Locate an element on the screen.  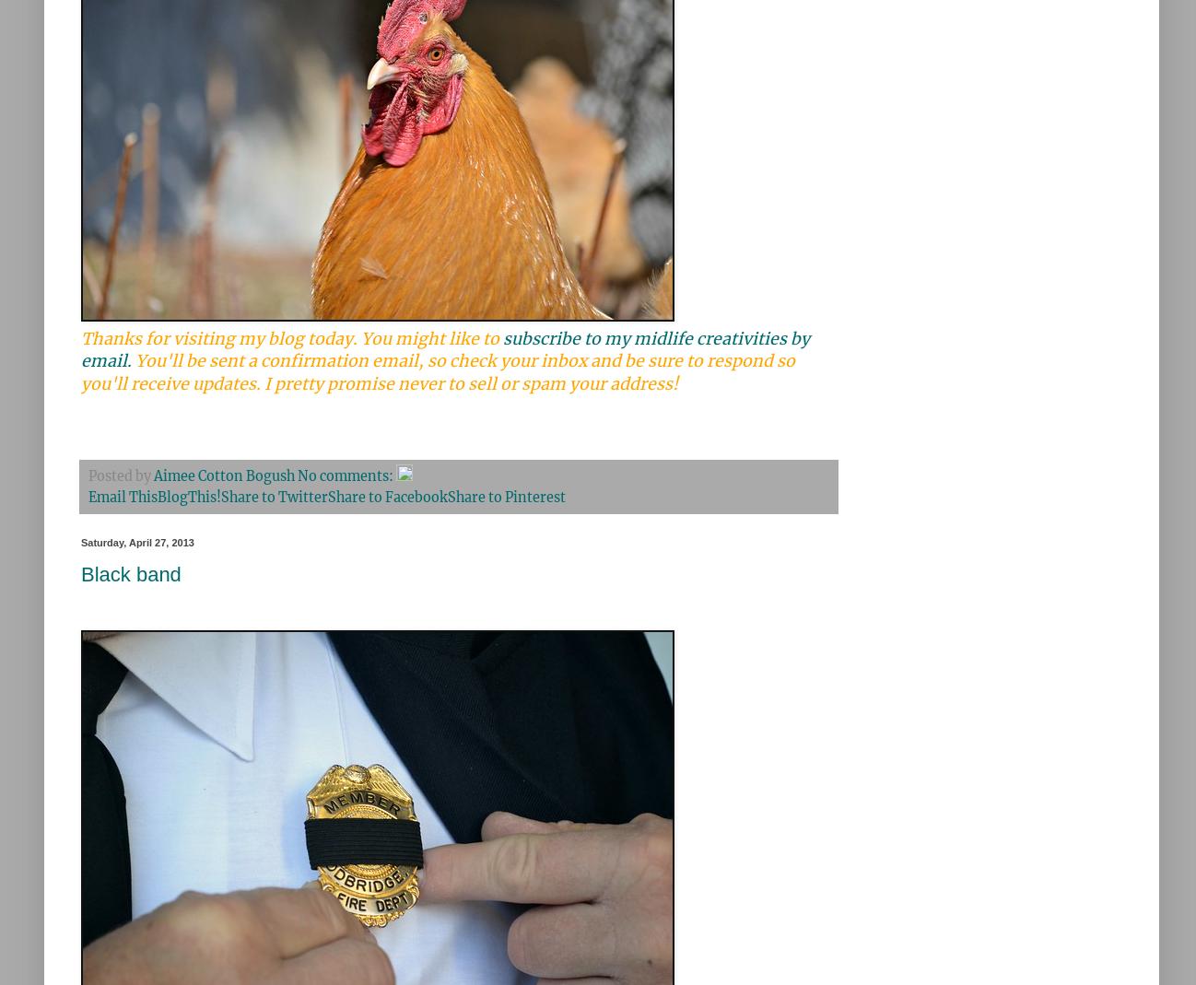
'You'll be sent a confirmation email, so check your inbox and be sure to respond so you'll receive updates.  I pretty promise never to sell or spam your address!' is located at coordinates (438, 372).